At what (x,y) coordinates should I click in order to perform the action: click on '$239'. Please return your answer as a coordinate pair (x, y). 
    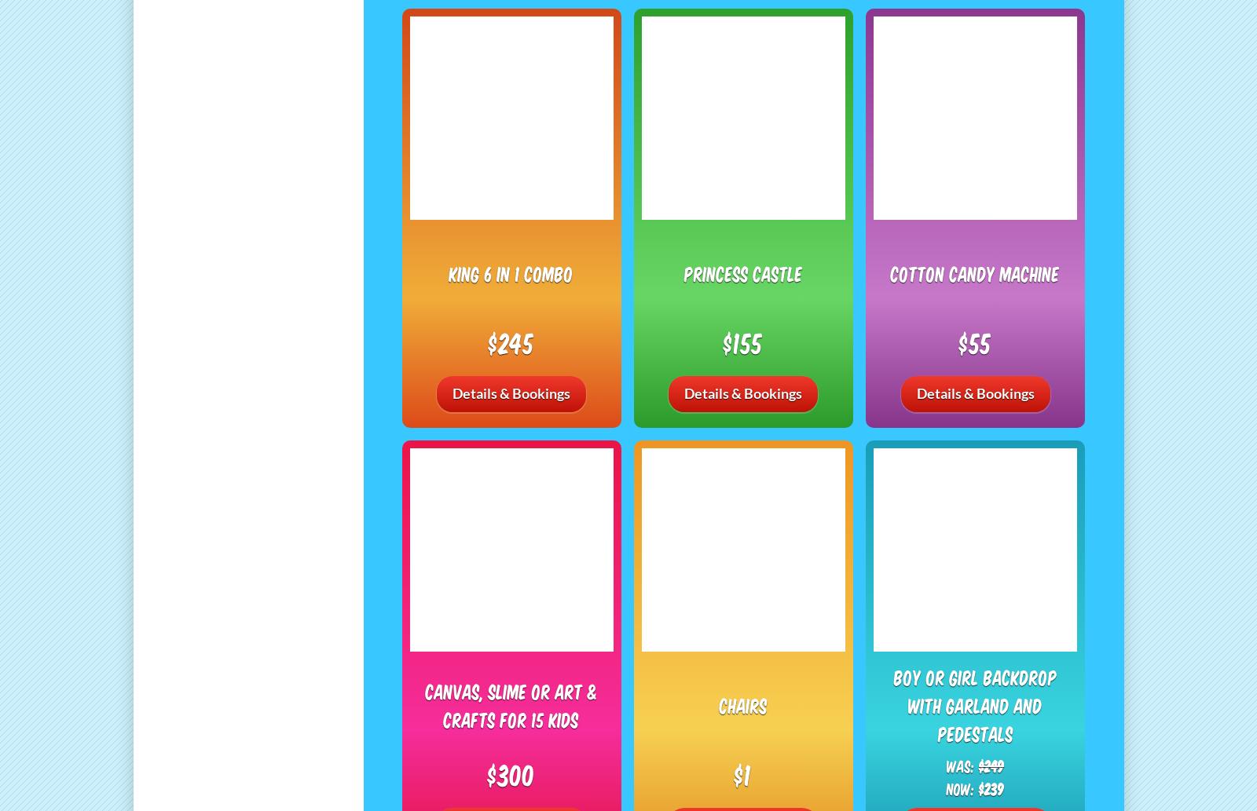
    Looking at the image, I should click on (991, 787).